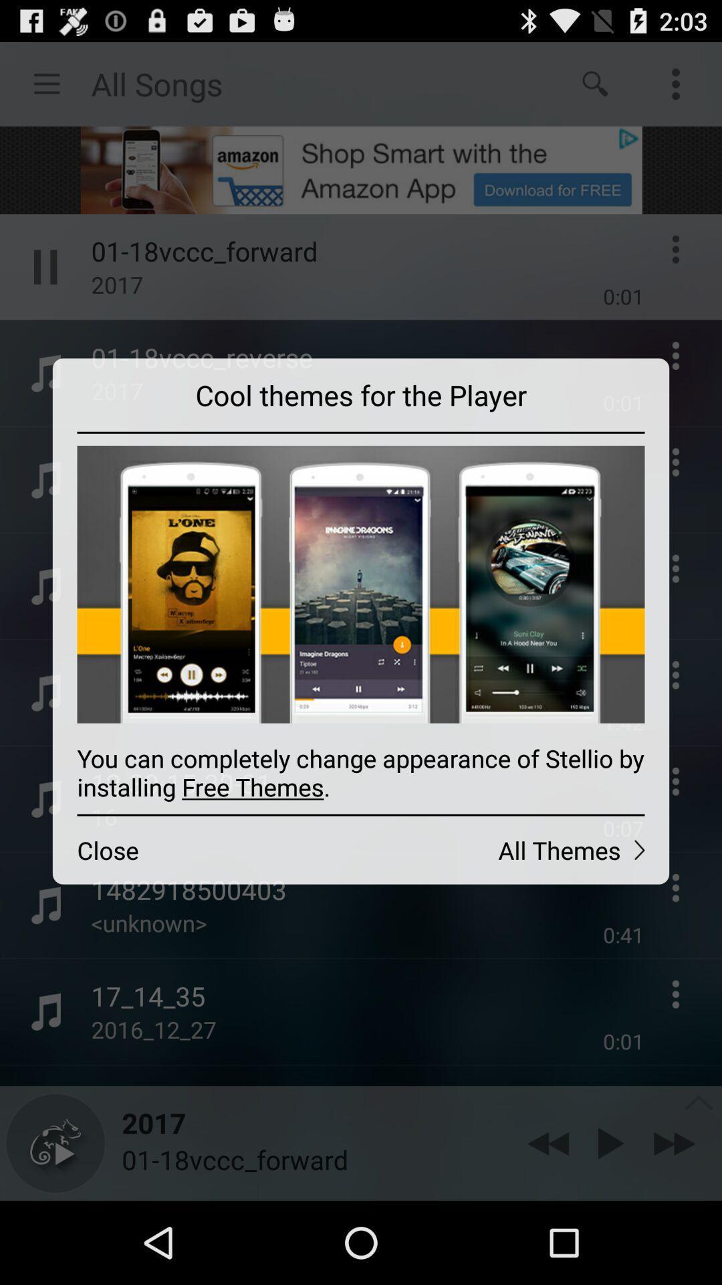 This screenshot has width=722, height=1285. What do you see at coordinates (514, 849) in the screenshot?
I see `the icon next to close icon` at bounding box center [514, 849].